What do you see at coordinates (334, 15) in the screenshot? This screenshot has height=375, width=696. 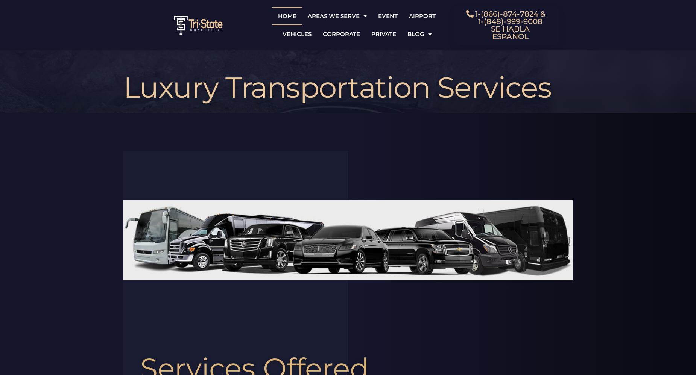 I see `'Areas we serve'` at bounding box center [334, 15].